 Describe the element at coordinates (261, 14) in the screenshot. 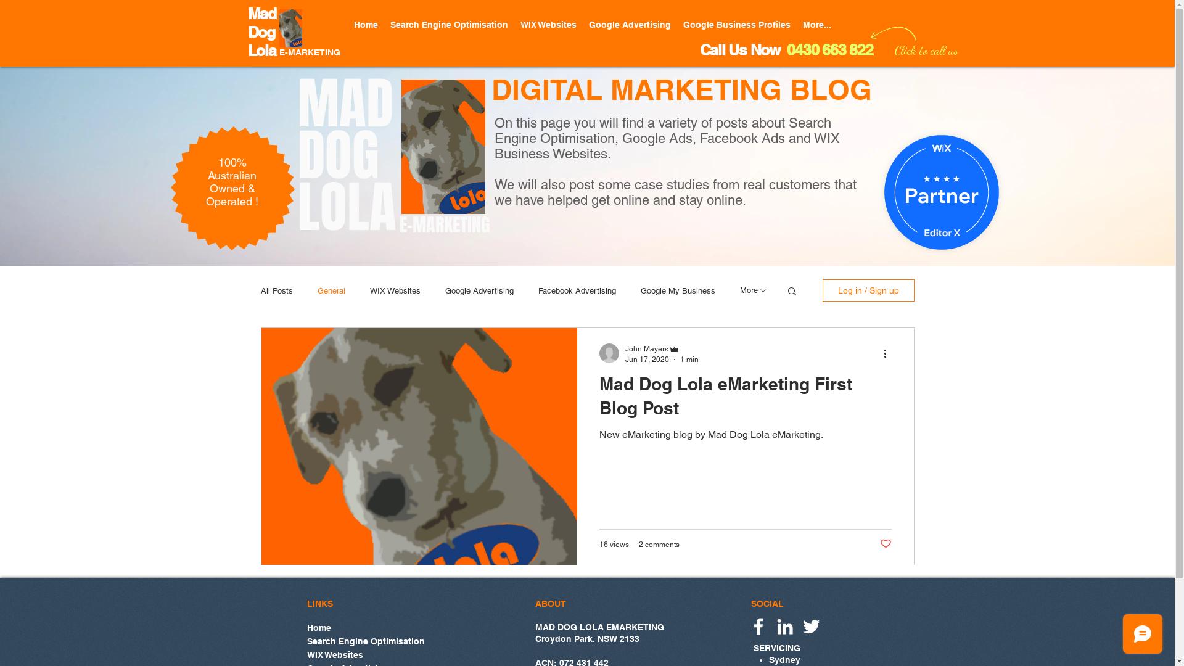

I see `'Mad'` at that location.